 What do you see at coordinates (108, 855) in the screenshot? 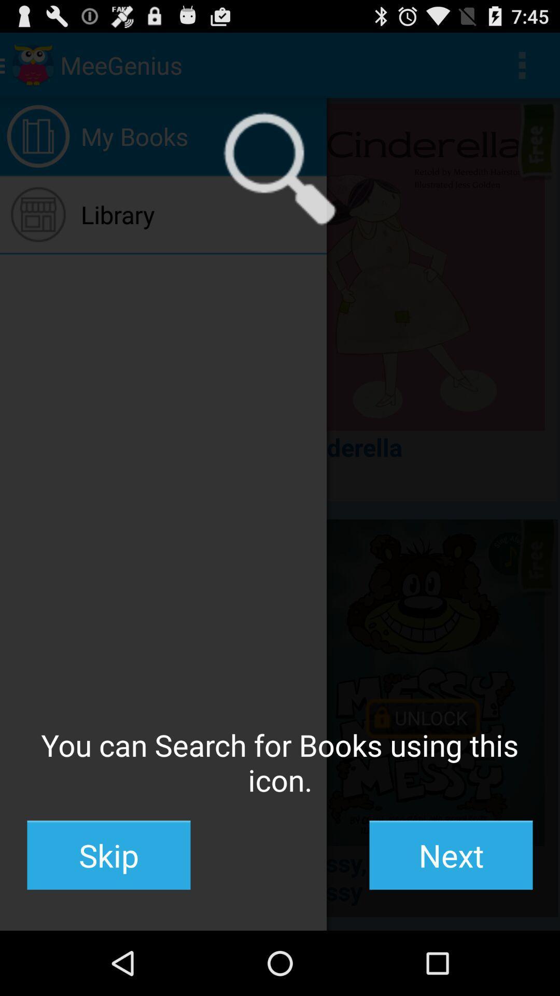
I see `the button next to the next button` at bounding box center [108, 855].